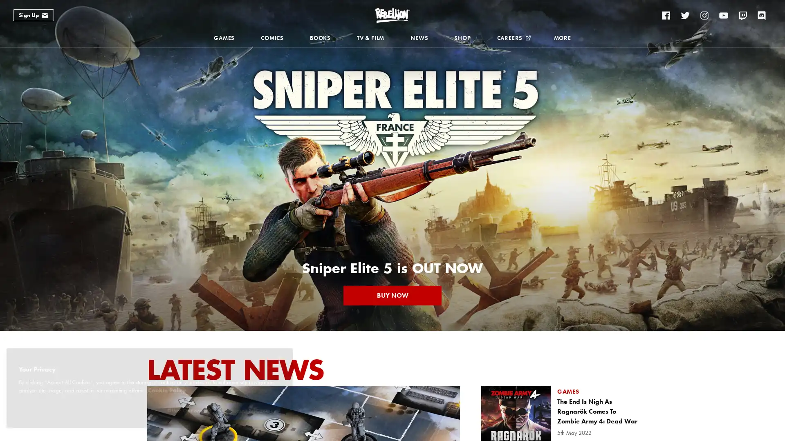 The height and width of the screenshot is (441, 785). I want to click on Close, so click(280, 357).